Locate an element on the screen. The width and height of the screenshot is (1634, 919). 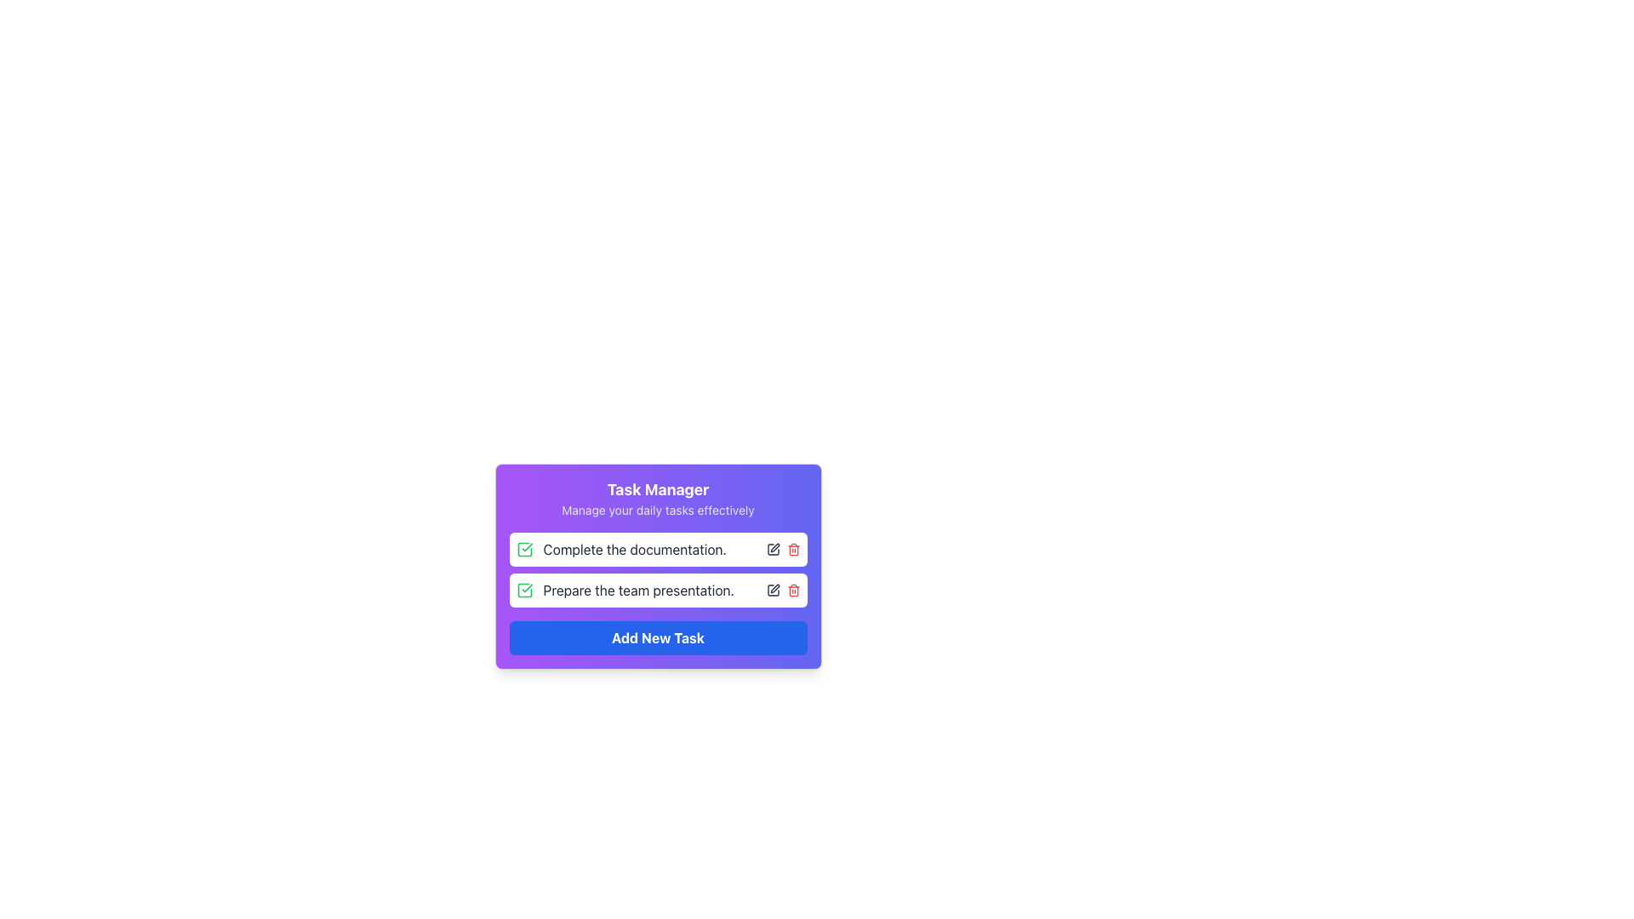
the text block containing the phrase 'Prepare the team presentation.', which is the second task item in the task list interface is located at coordinates (637, 590).